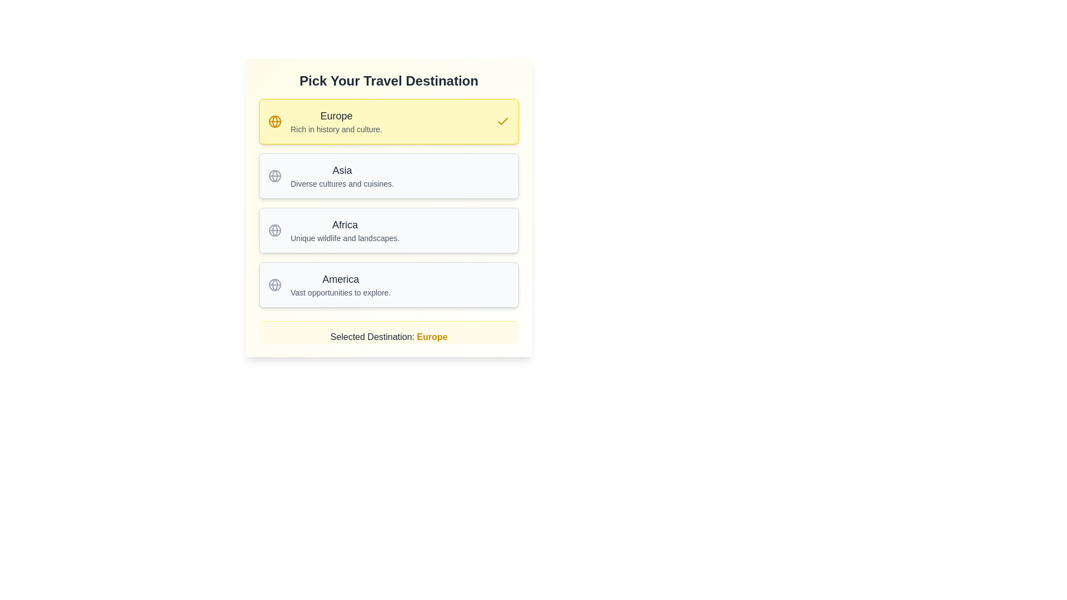  I want to click on the informative text content for the destination 'Asia', which is the second option in a list of travel destinations, providing details about its diverse cultures and cuisines, so click(341, 175).